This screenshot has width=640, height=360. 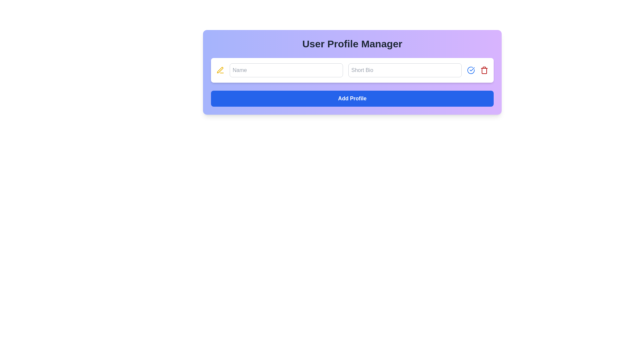 I want to click on the 'Add Profile' button located at the bottom of the 'User Profile Manager' card, so click(x=352, y=99).